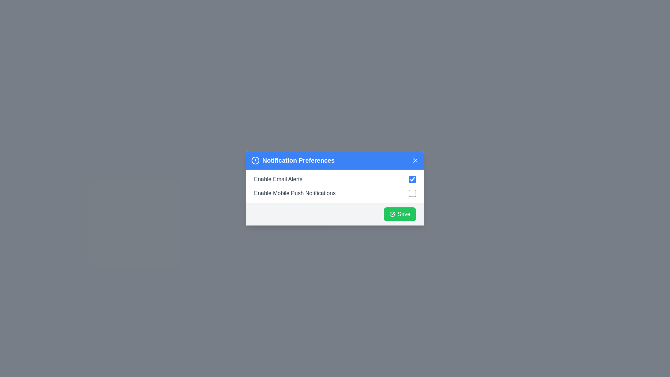 The image size is (670, 377). What do you see at coordinates (415, 160) in the screenshot?
I see `the Close icon button located at the top-right corner of the 'Notification Preferences' dialog` at bounding box center [415, 160].